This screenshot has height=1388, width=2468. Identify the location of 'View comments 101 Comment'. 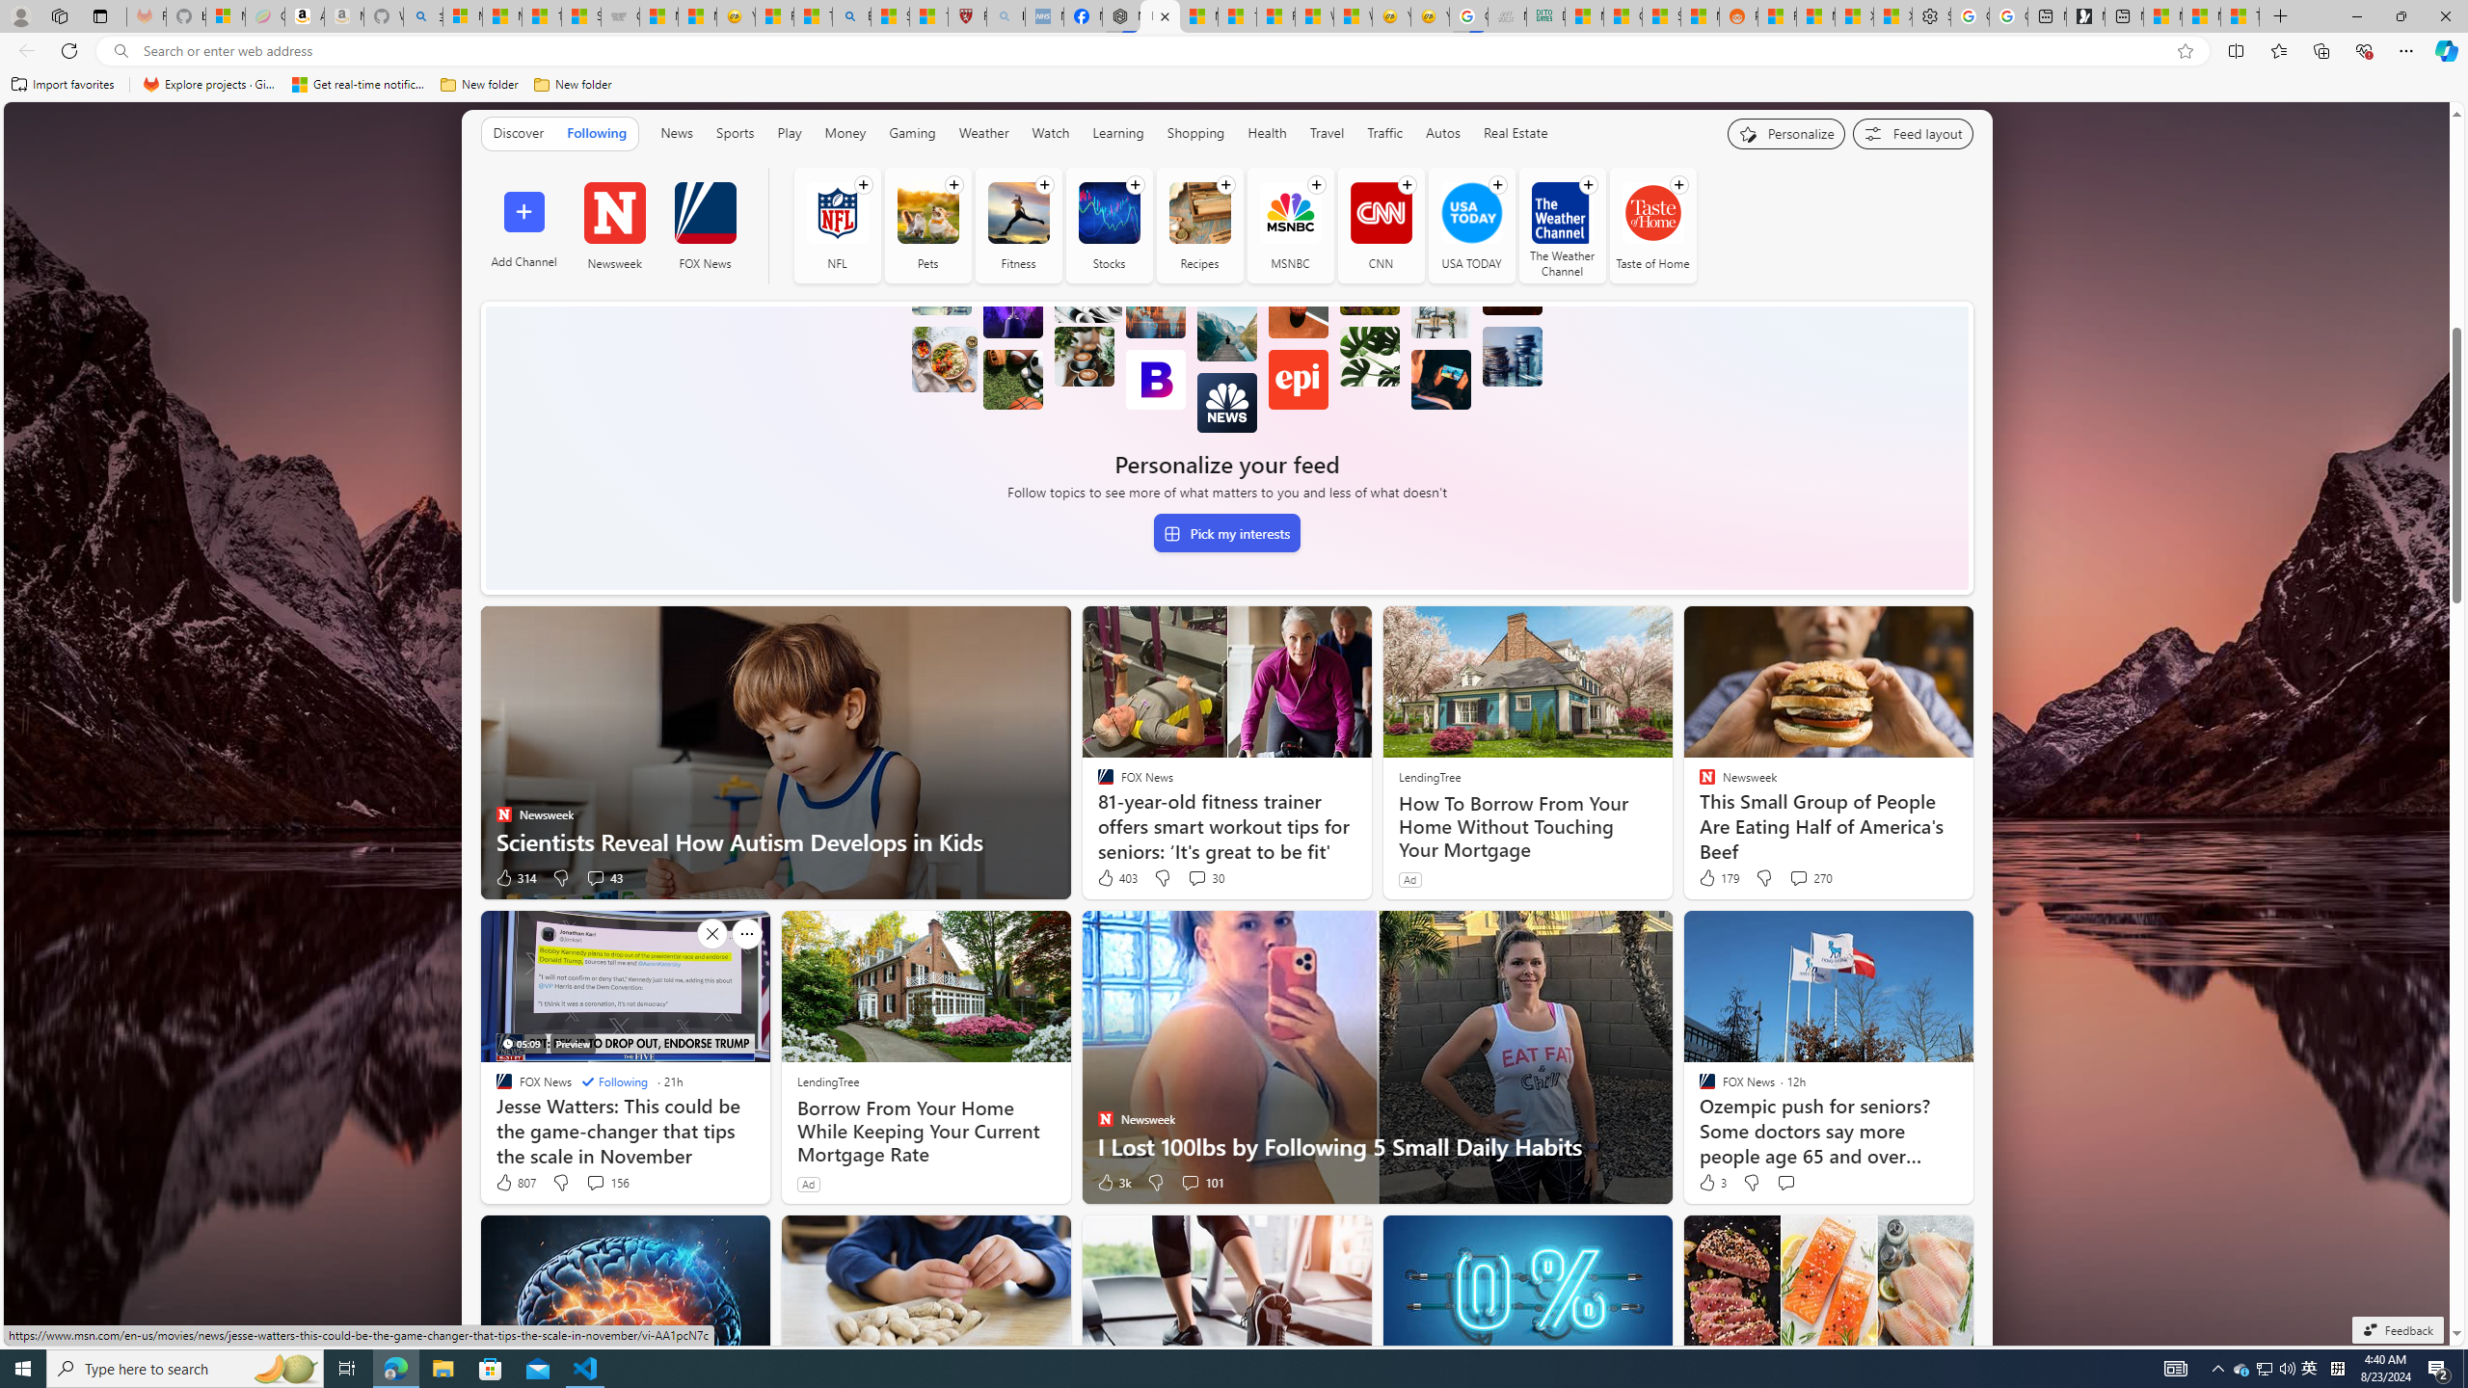
(1188, 1181).